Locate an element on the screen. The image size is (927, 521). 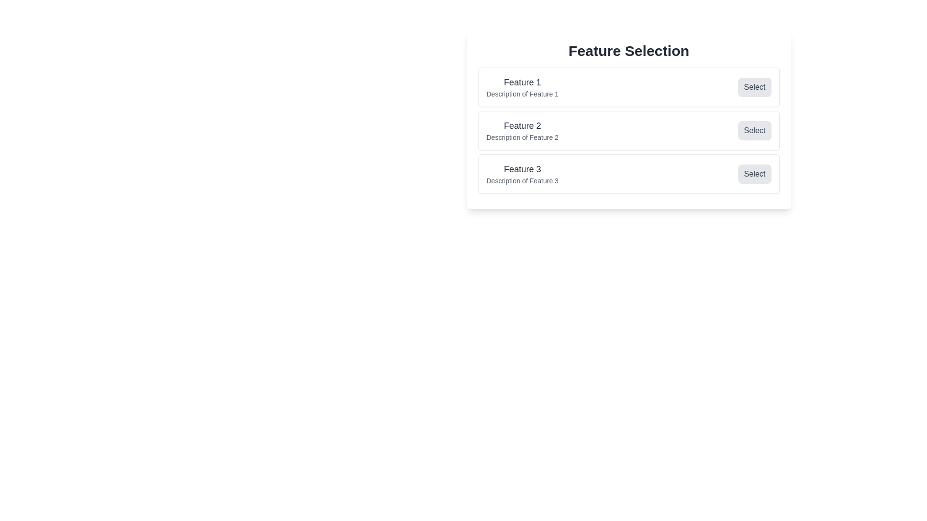
the Label with Description that contains the text 'Feature 3' and 'Description of Feature 3', which is located in the third row of a vertically stacked list, to the left of the 'Select' button is located at coordinates (522, 174).